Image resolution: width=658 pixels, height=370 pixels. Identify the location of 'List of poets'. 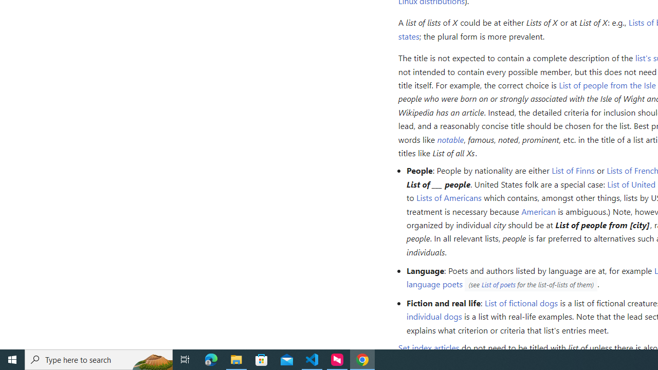
(498, 285).